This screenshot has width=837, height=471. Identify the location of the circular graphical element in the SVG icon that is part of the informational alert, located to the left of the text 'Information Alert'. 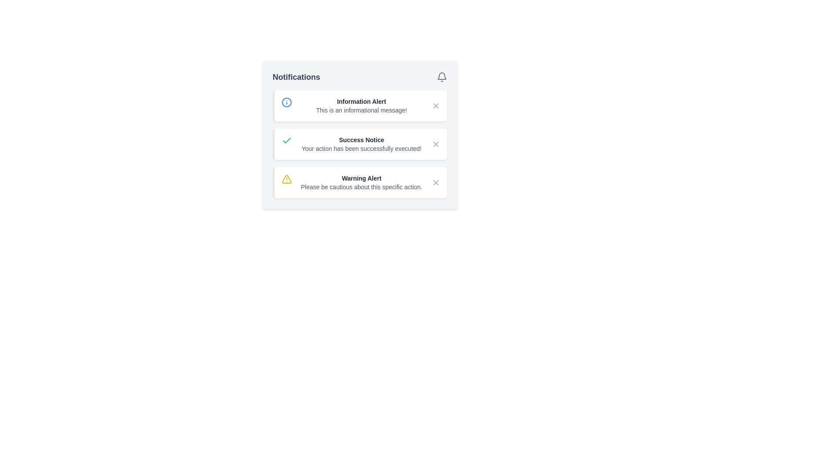
(286, 102).